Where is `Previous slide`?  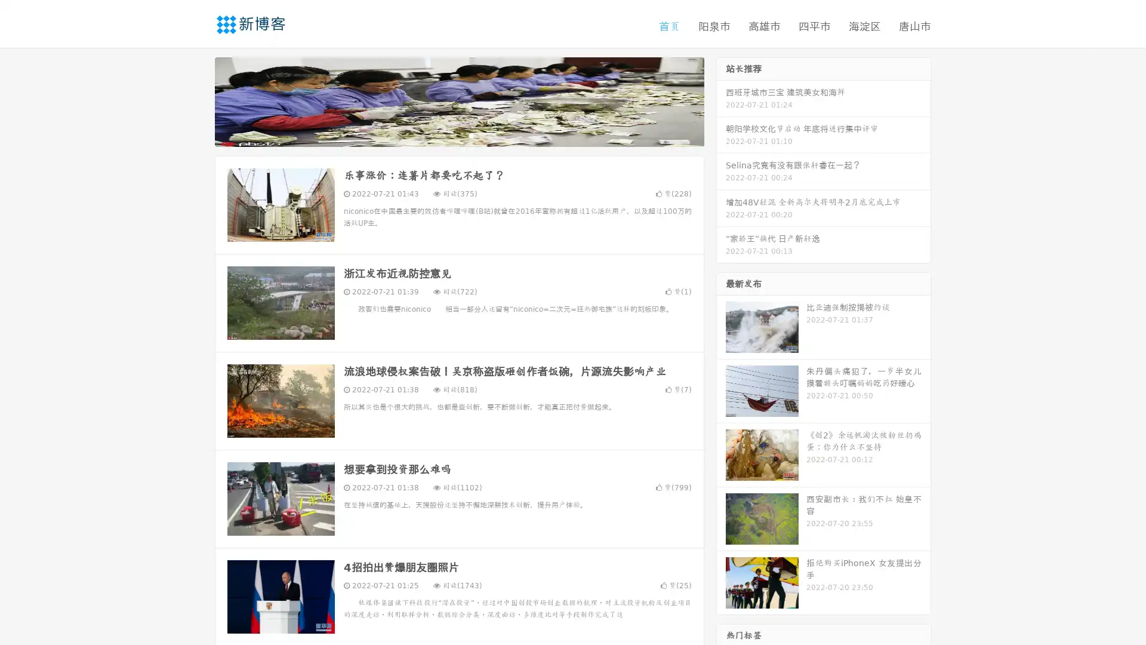
Previous slide is located at coordinates (197, 100).